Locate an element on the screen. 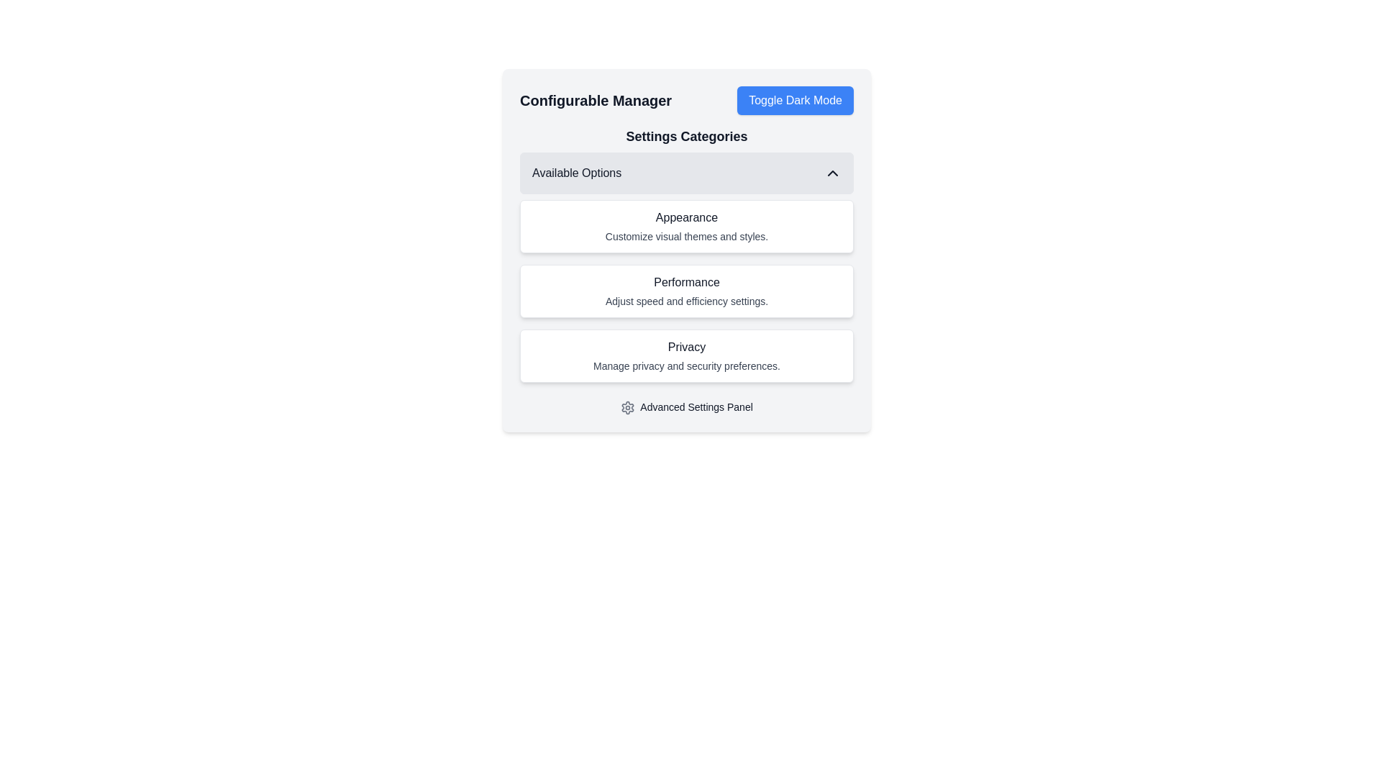 Image resolution: width=1381 pixels, height=777 pixels. the text label stating 'Customize visual themes and styles.' which is positioned beneath the header 'Appearance' in a settings options list is located at coordinates (686, 235).